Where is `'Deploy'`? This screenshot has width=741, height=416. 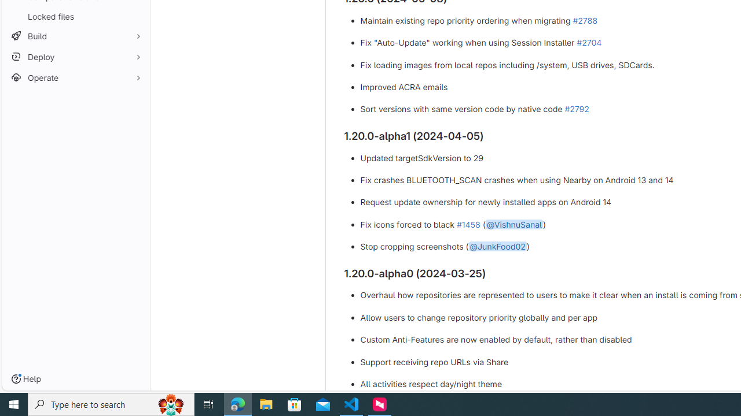 'Deploy' is located at coordinates (75, 57).